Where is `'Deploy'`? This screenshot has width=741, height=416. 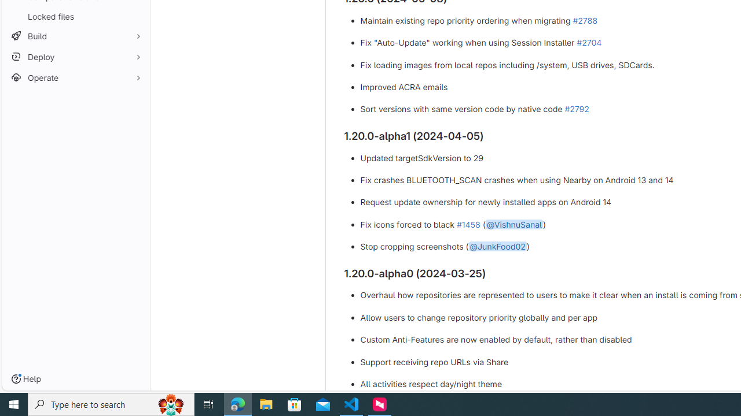 'Deploy' is located at coordinates (75, 57).